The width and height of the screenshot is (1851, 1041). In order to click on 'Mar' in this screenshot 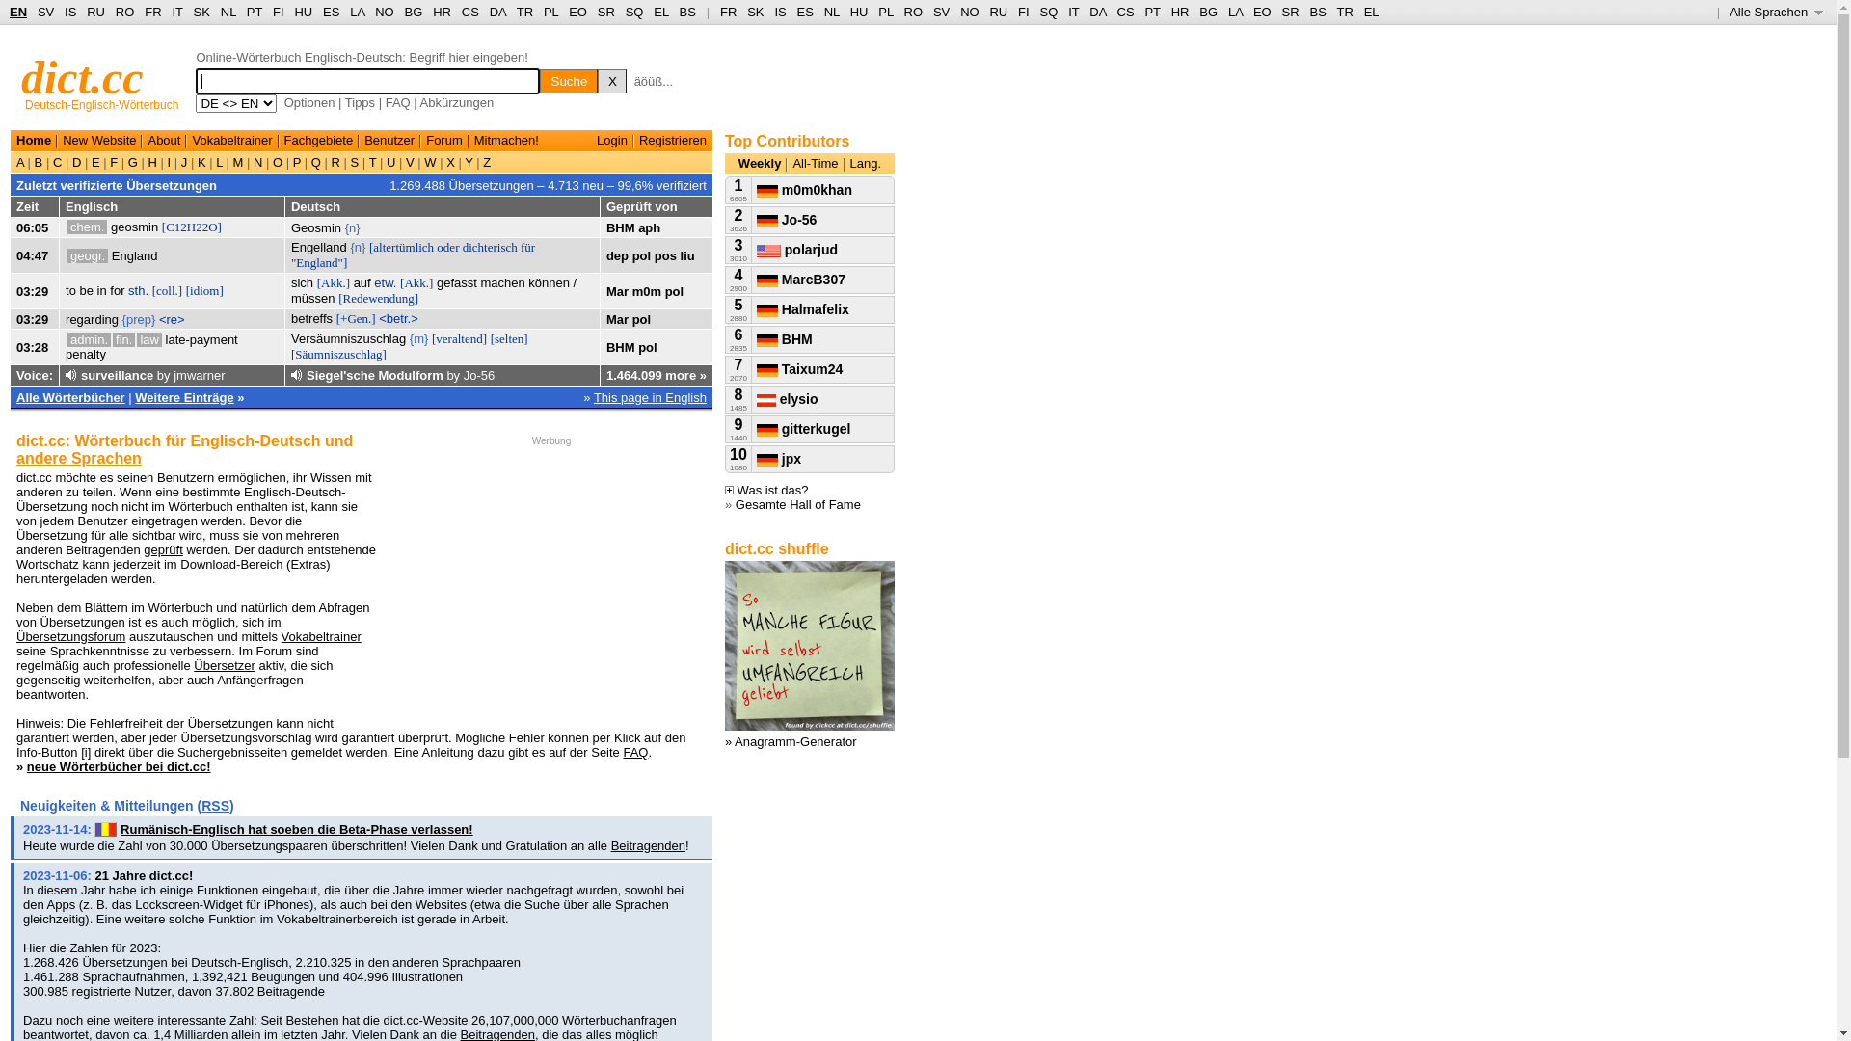, I will do `click(617, 290)`.